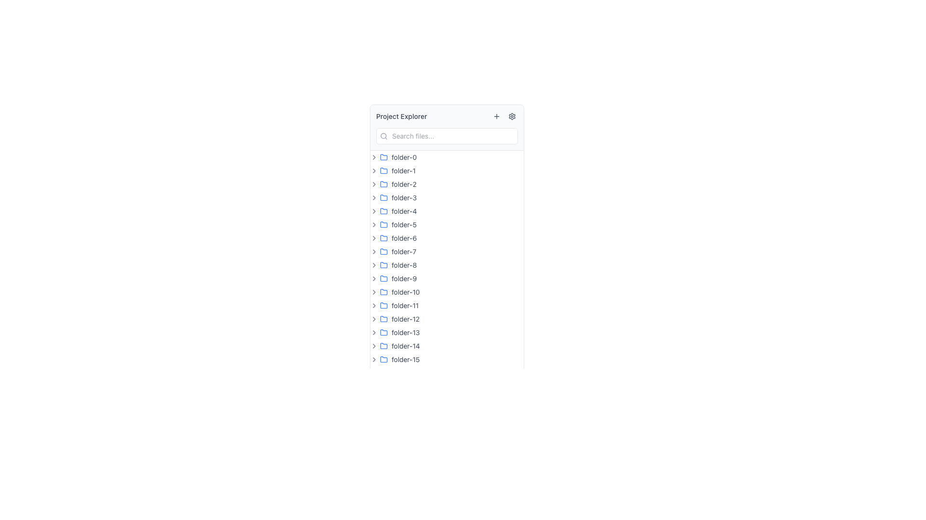 The width and height of the screenshot is (926, 520). I want to click on the Chevron icon for hierarchical navigation located to the far left of 'folder-15' in the Project Explorer list to indicate its interactivity, so click(374, 360).